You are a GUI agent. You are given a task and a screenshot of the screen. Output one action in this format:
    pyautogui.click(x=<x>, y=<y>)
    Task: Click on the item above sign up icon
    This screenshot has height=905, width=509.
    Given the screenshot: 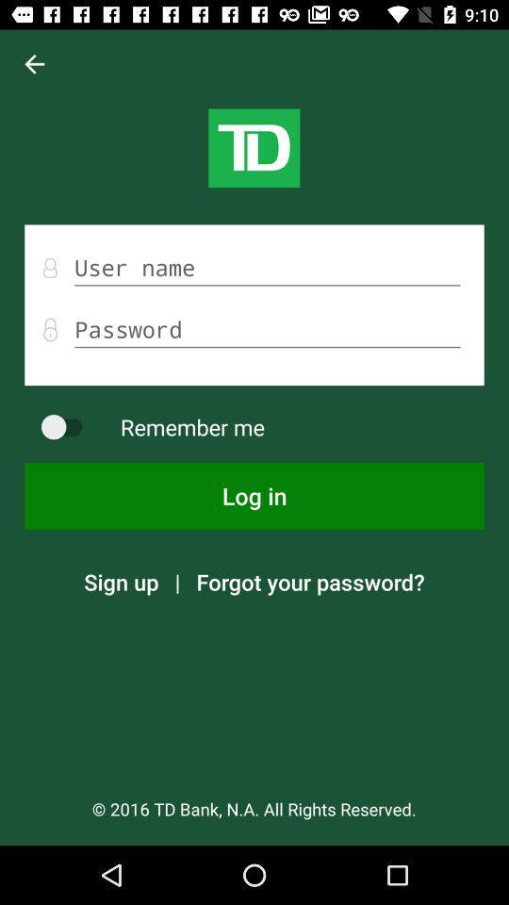 What is the action you would take?
    pyautogui.click(x=254, y=495)
    